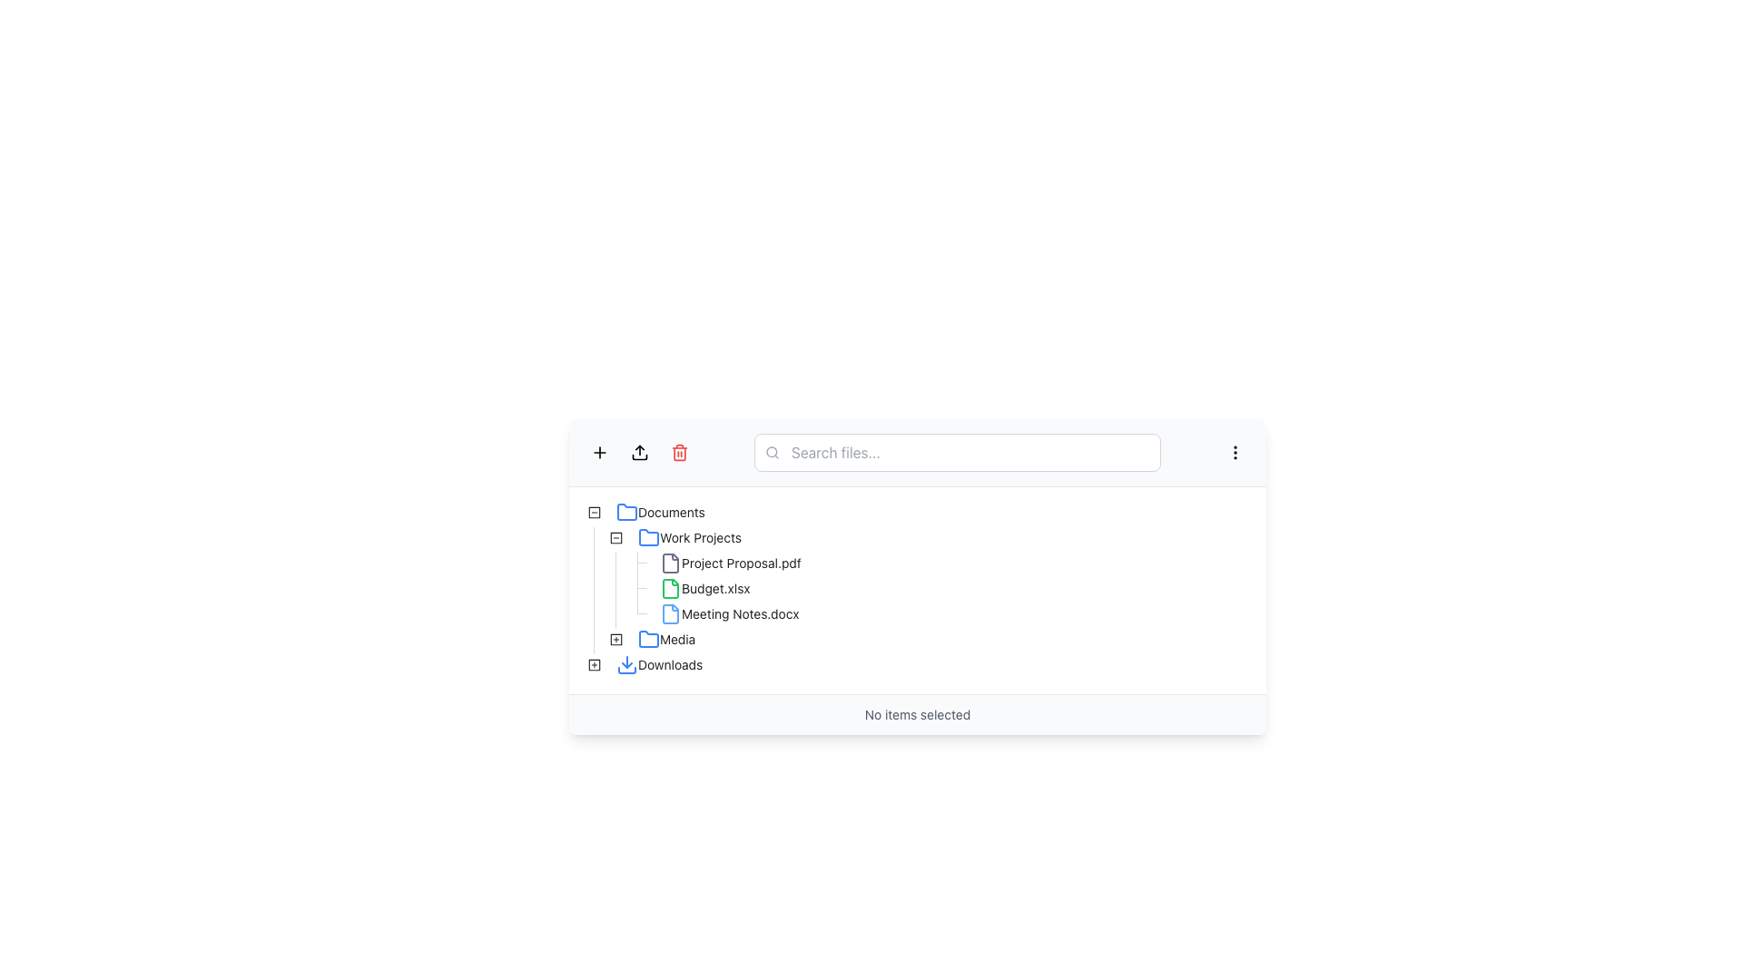  What do you see at coordinates (649, 638) in the screenshot?
I see `the folder icon representing the 'Media' directory in the file tree` at bounding box center [649, 638].